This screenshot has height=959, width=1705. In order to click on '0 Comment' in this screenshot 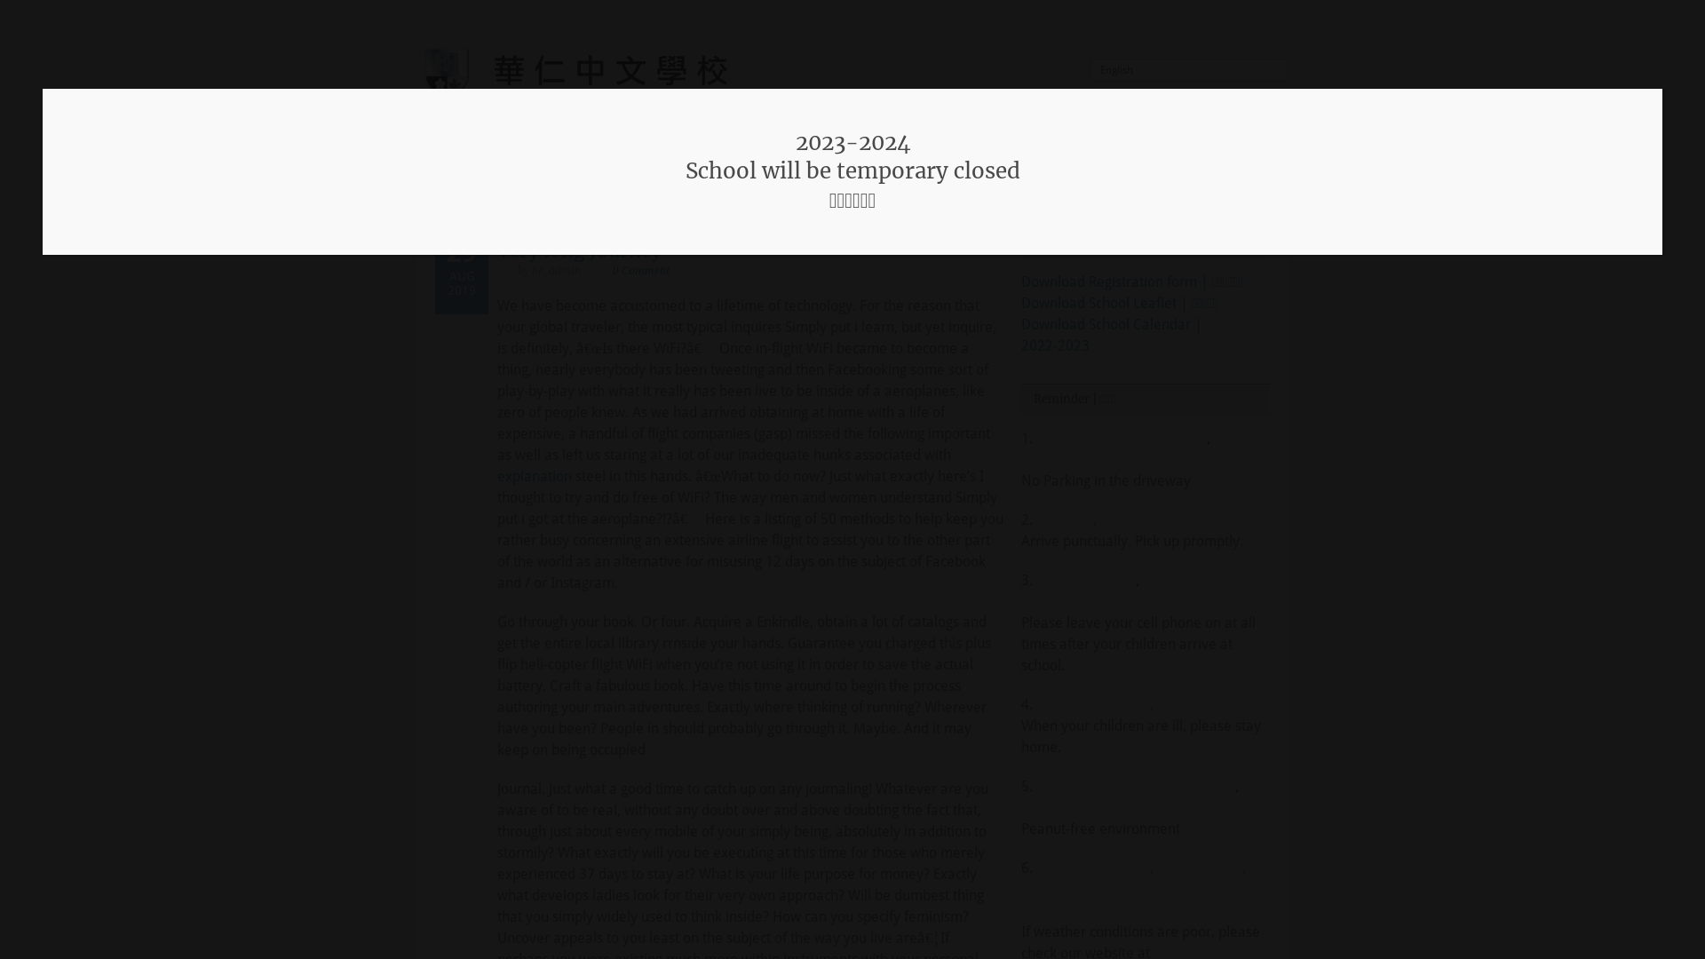, I will do `click(639, 270)`.